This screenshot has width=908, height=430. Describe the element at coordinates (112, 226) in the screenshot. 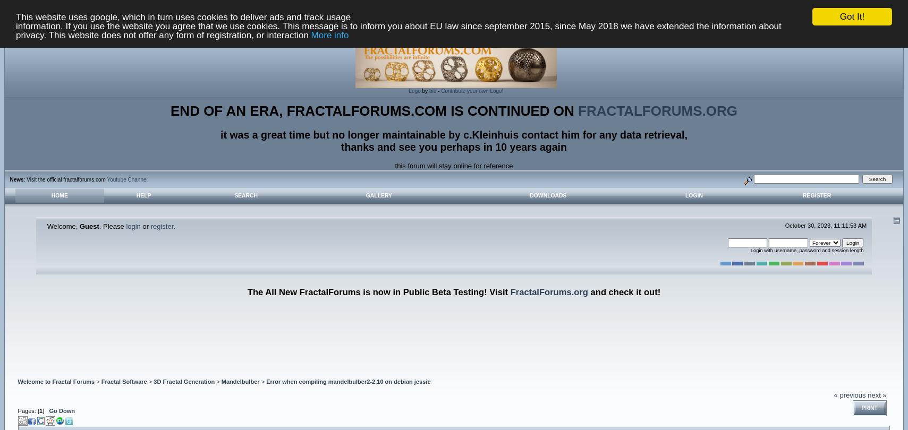

I see `'. Please'` at that location.